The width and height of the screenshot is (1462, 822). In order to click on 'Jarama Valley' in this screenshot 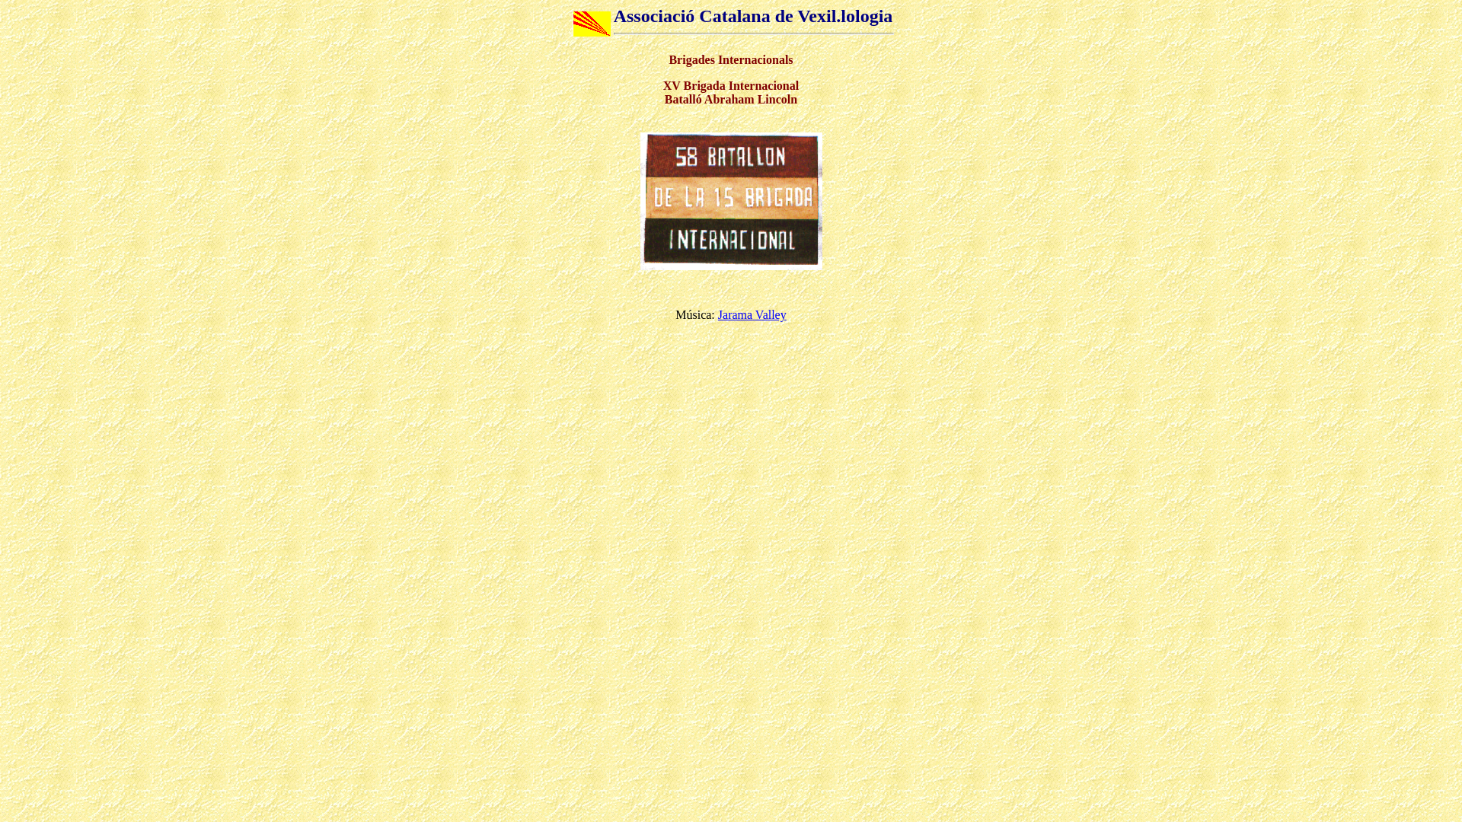, I will do `click(717, 314)`.